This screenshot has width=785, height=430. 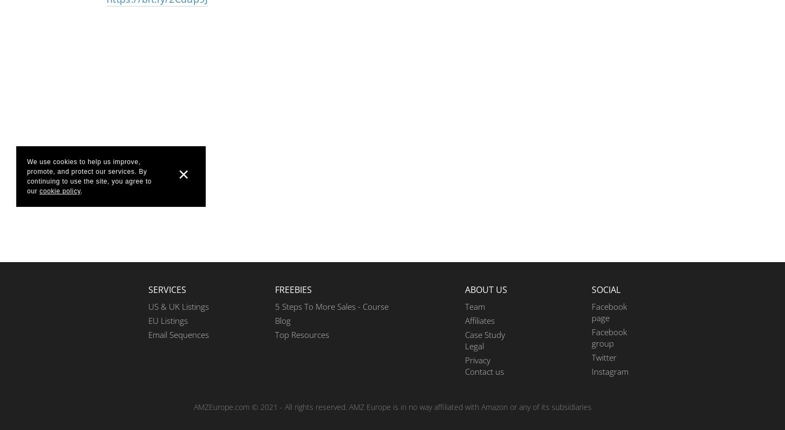 What do you see at coordinates (302, 334) in the screenshot?
I see `'Top Resources'` at bounding box center [302, 334].